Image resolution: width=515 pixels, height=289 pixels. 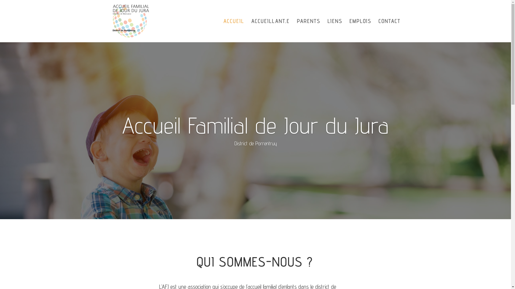 I want to click on 'PARENTS', so click(x=308, y=31).